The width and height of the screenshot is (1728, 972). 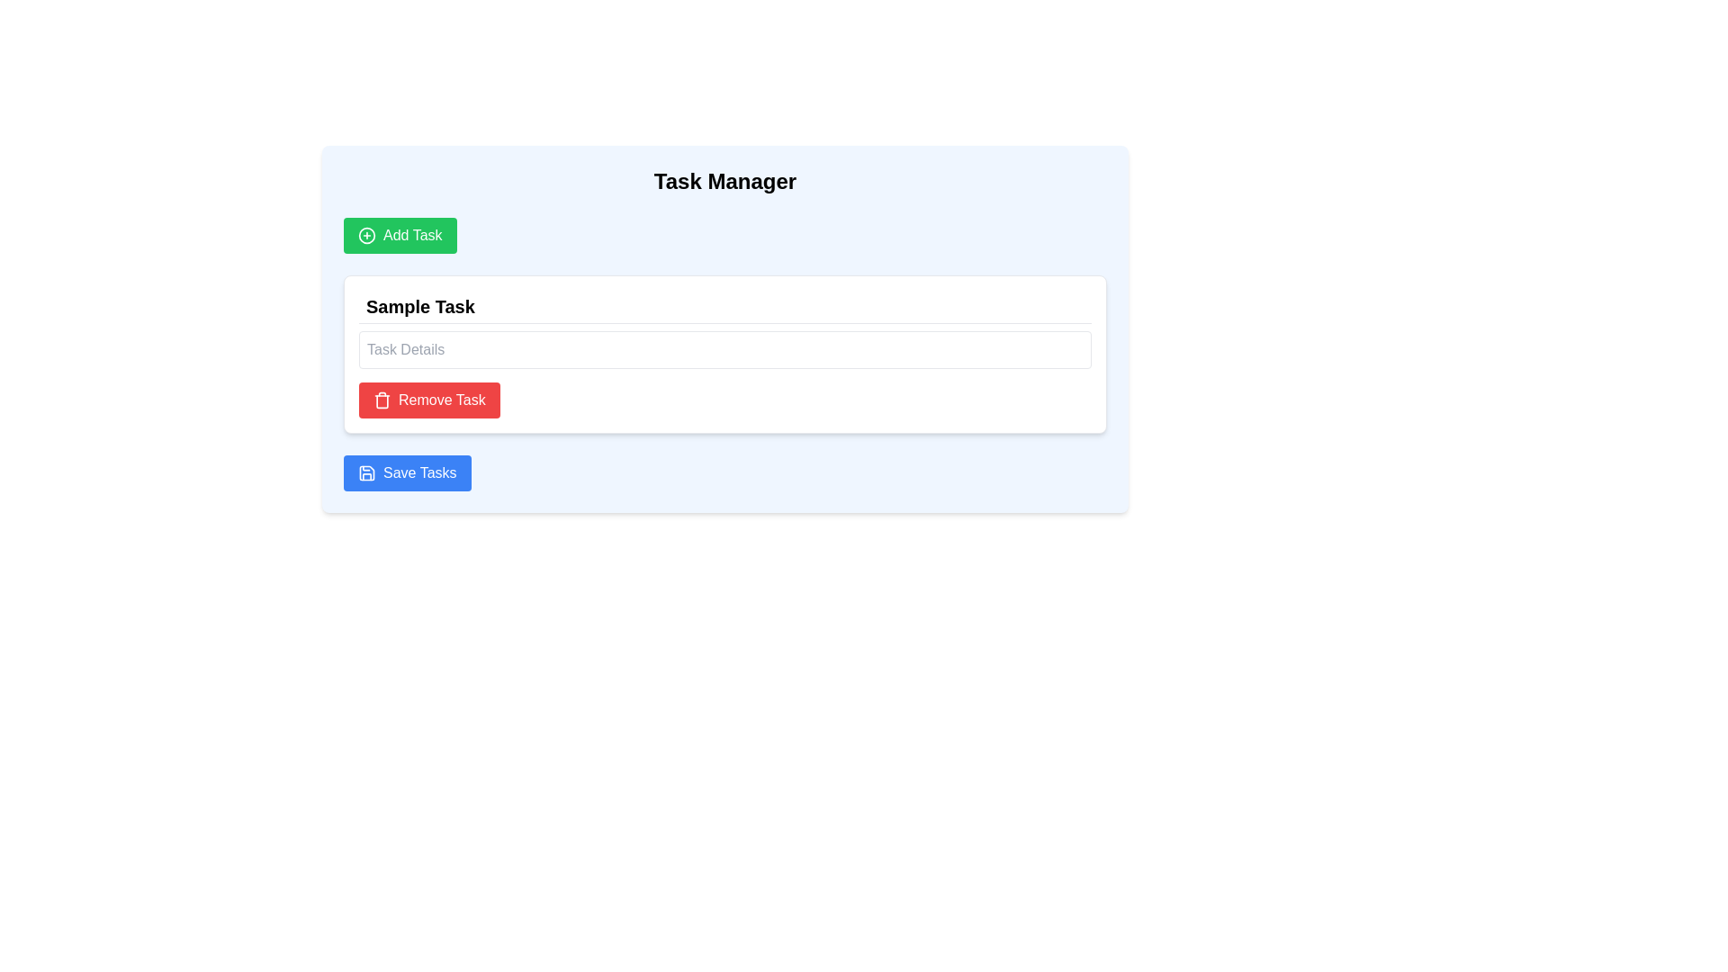 What do you see at coordinates (366, 472) in the screenshot?
I see `the floppy disk icon used for saving tasks, located within the 'Save Tasks' button at the bottom of the interface` at bounding box center [366, 472].